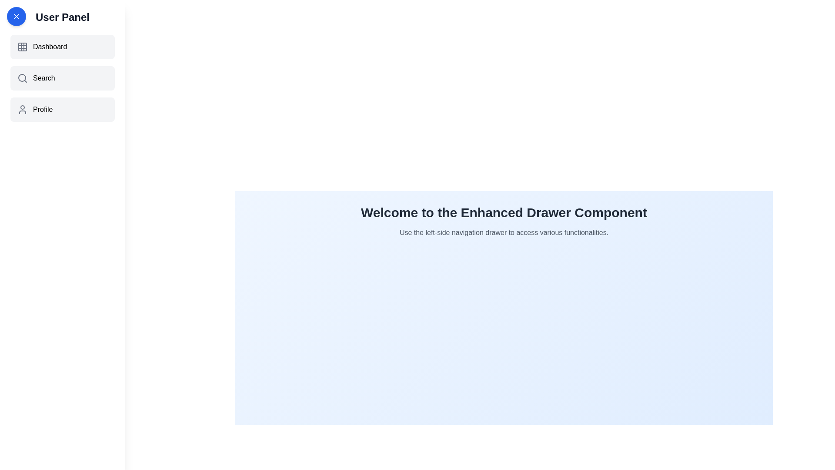 The width and height of the screenshot is (835, 470). Describe the element at coordinates (62, 78) in the screenshot. I see `the 'Search' button located in the left navigation panel, which is the second button in a vertical stack of three options` at that location.